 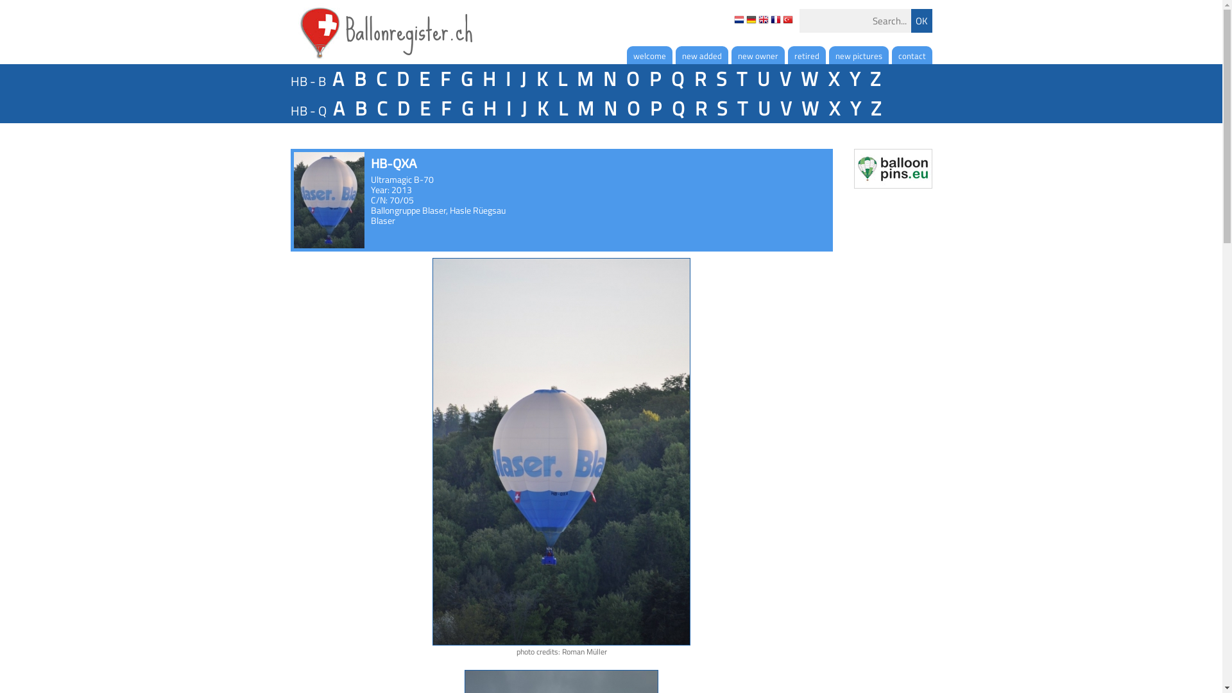 What do you see at coordinates (507, 108) in the screenshot?
I see `'I'` at bounding box center [507, 108].